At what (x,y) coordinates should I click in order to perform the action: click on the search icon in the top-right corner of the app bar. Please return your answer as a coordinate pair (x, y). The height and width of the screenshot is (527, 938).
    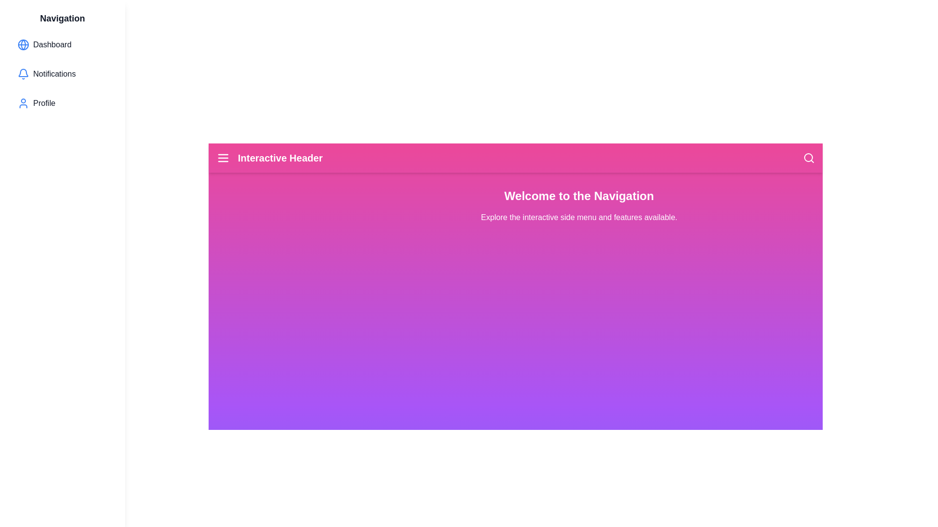
    Looking at the image, I should click on (809, 158).